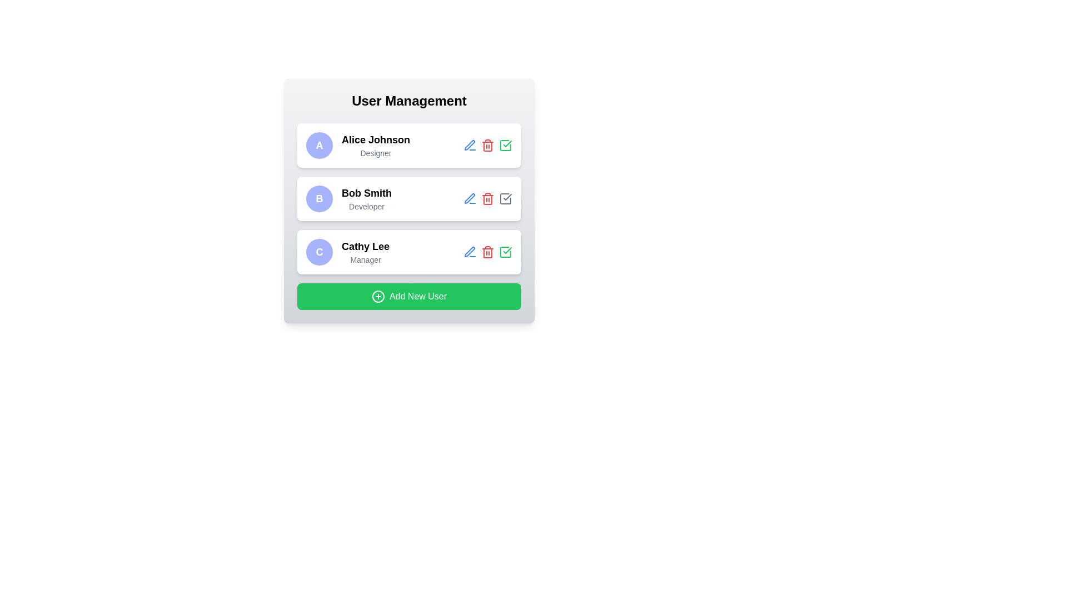 This screenshot has width=1067, height=600. Describe the element at coordinates (365, 252) in the screenshot. I see `the text display showing the name and role ('Manager') of a user in the third row of the User Management list` at that location.